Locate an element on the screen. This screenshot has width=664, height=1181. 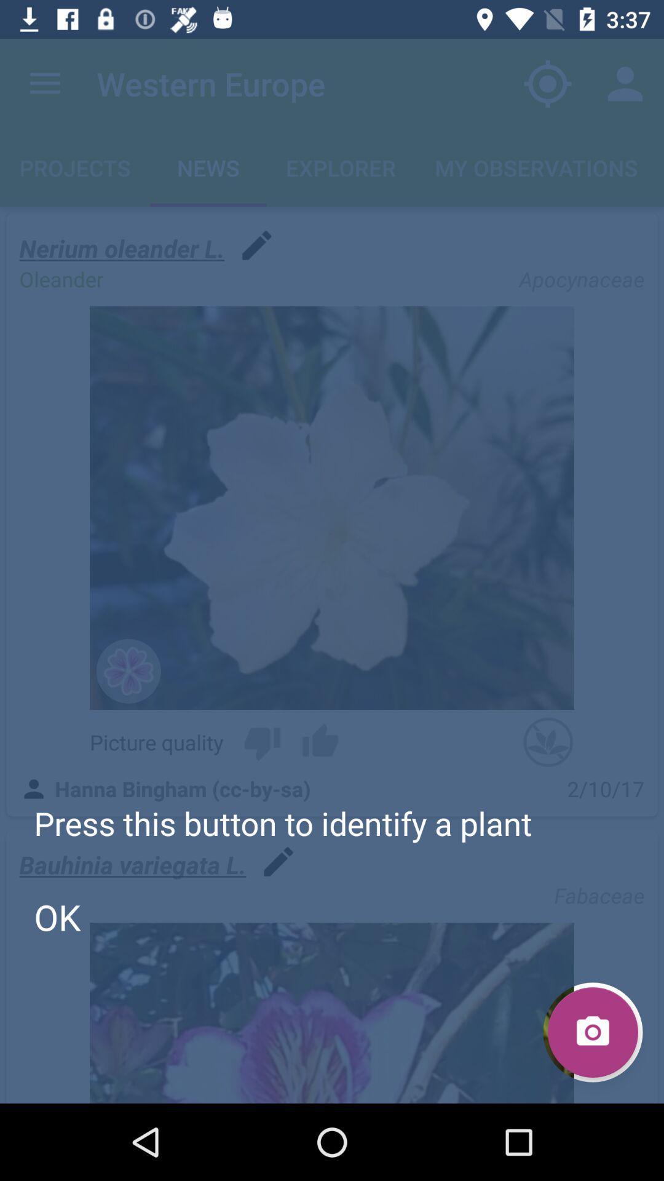
nerium oleander l. item is located at coordinates (122, 247).